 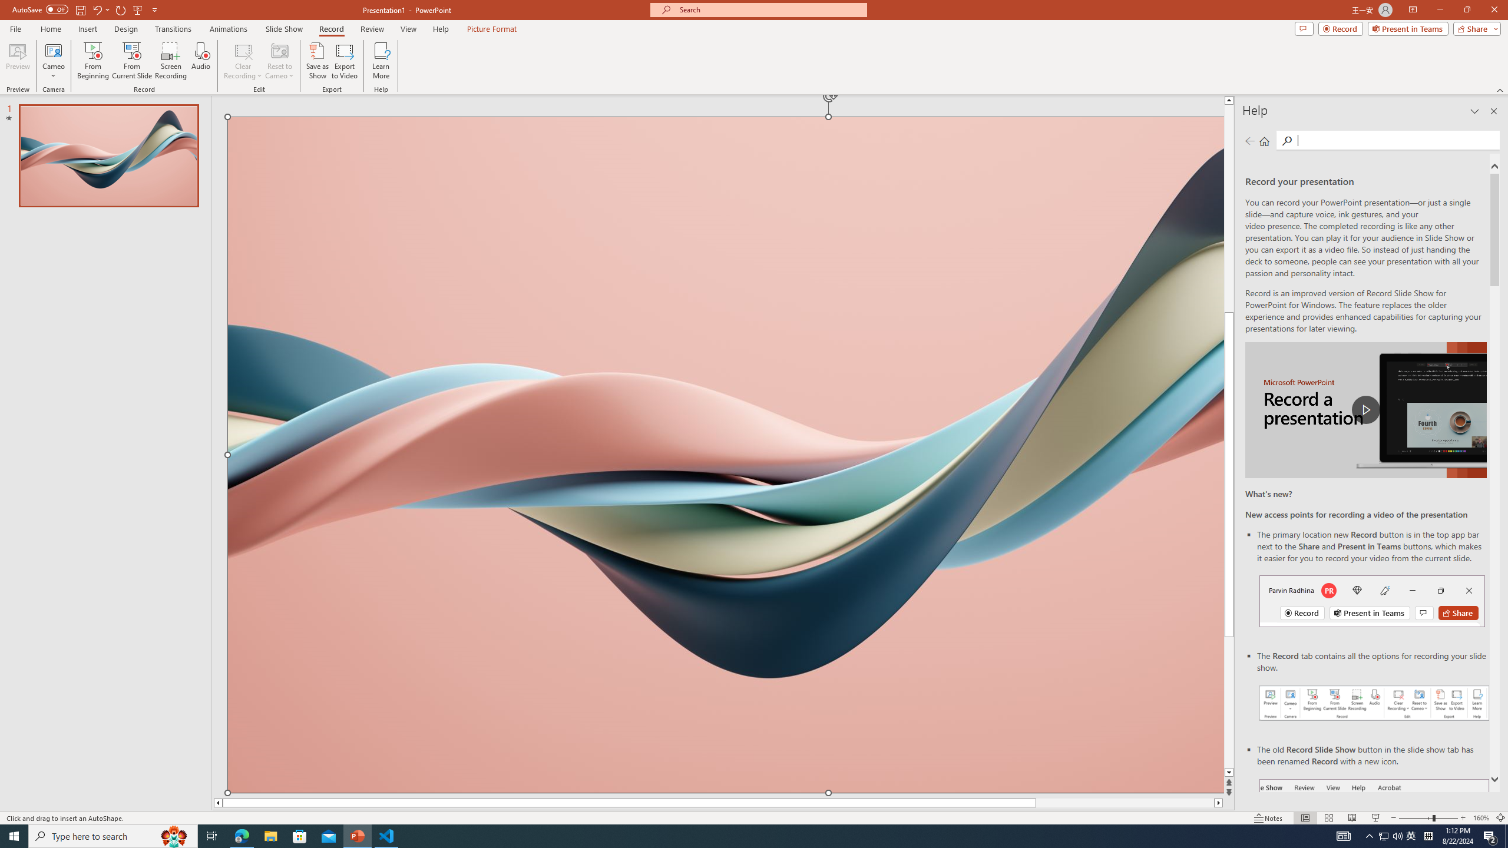 I want to click on 'Cameo', so click(x=52, y=49).